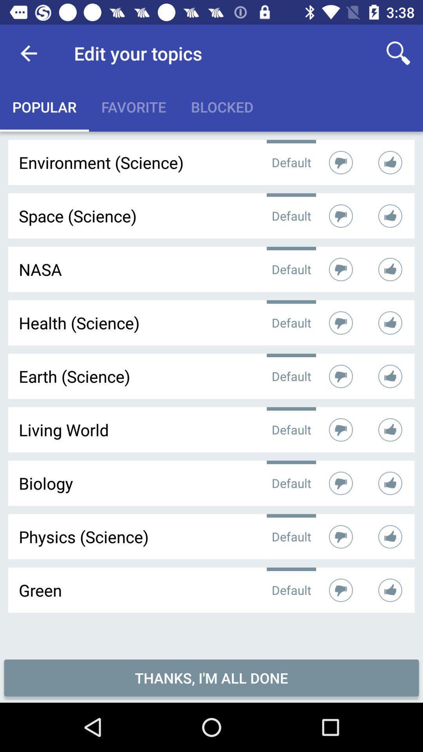  Describe the element at coordinates (398, 53) in the screenshot. I see `the item next to the edit your topics` at that location.